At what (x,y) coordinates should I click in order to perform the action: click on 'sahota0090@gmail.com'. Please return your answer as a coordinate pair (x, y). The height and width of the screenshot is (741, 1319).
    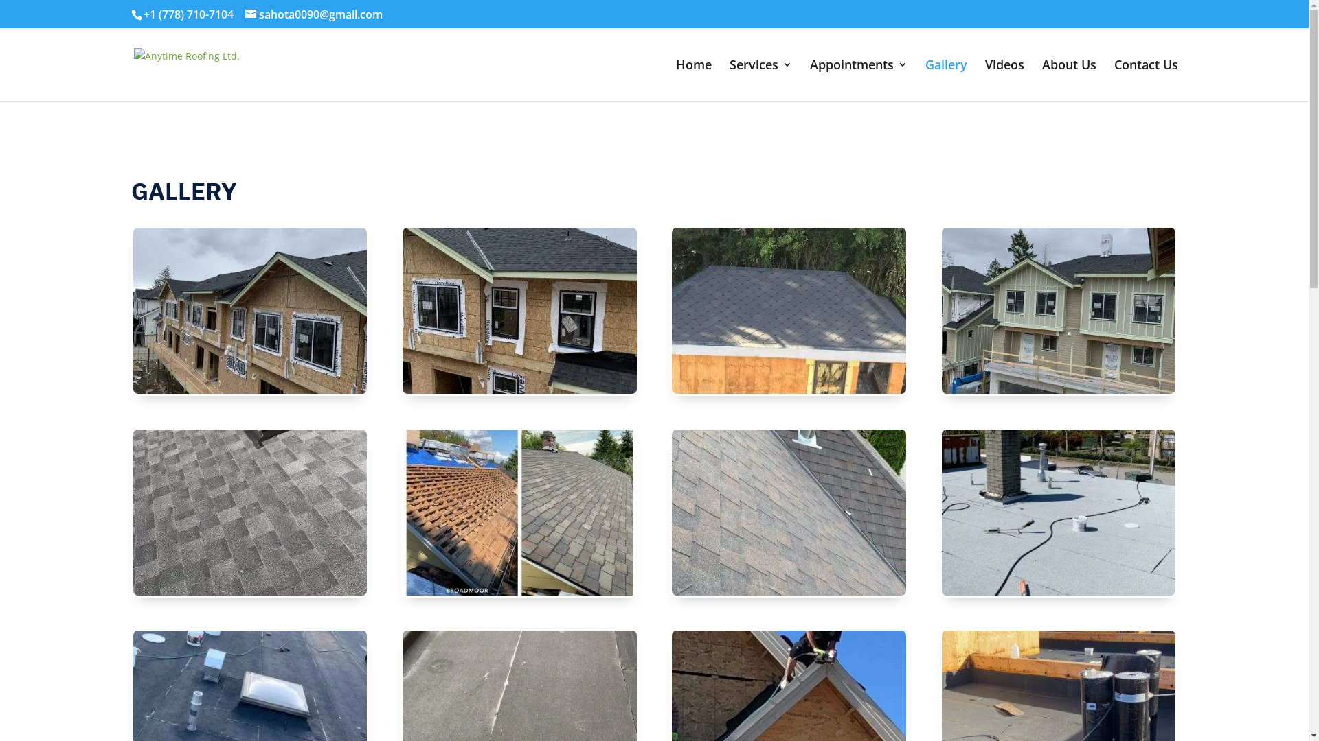
    Looking at the image, I should click on (313, 14).